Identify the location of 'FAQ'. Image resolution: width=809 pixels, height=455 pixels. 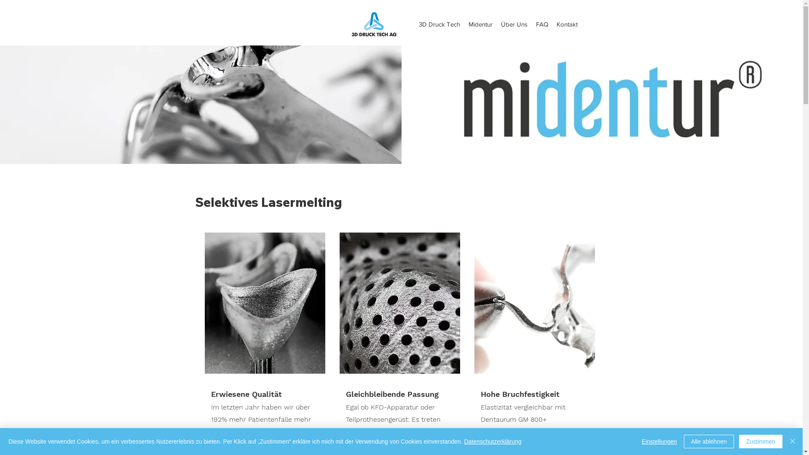
(542, 24).